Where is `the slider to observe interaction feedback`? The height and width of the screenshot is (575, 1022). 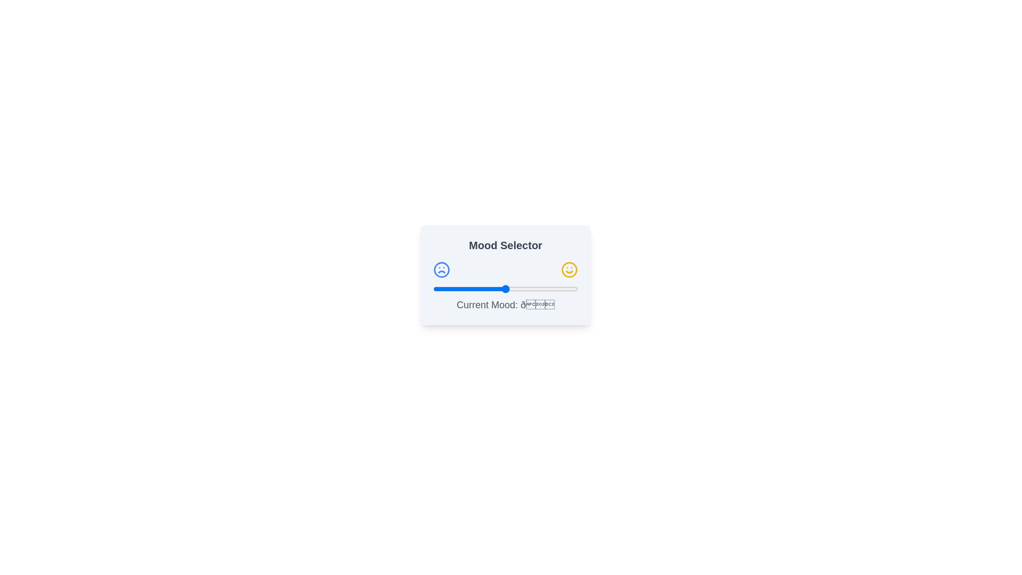 the slider to observe interaction feedback is located at coordinates (505, 289).